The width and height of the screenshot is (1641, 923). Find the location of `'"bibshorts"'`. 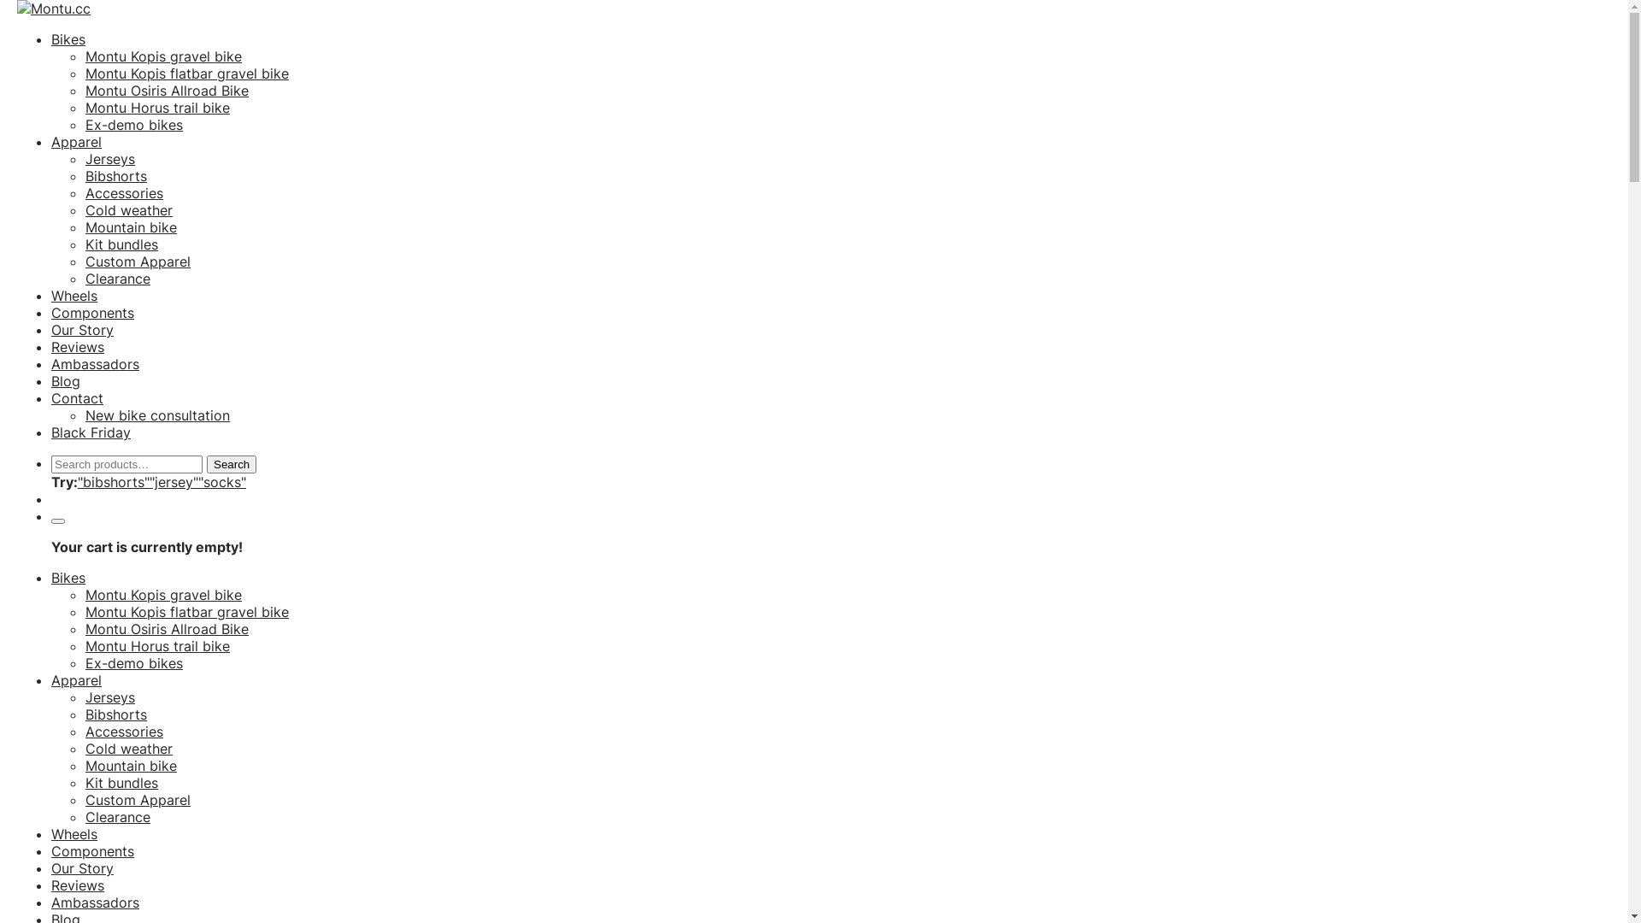

'"bibshorts"' is located at coordinates (113, 481).